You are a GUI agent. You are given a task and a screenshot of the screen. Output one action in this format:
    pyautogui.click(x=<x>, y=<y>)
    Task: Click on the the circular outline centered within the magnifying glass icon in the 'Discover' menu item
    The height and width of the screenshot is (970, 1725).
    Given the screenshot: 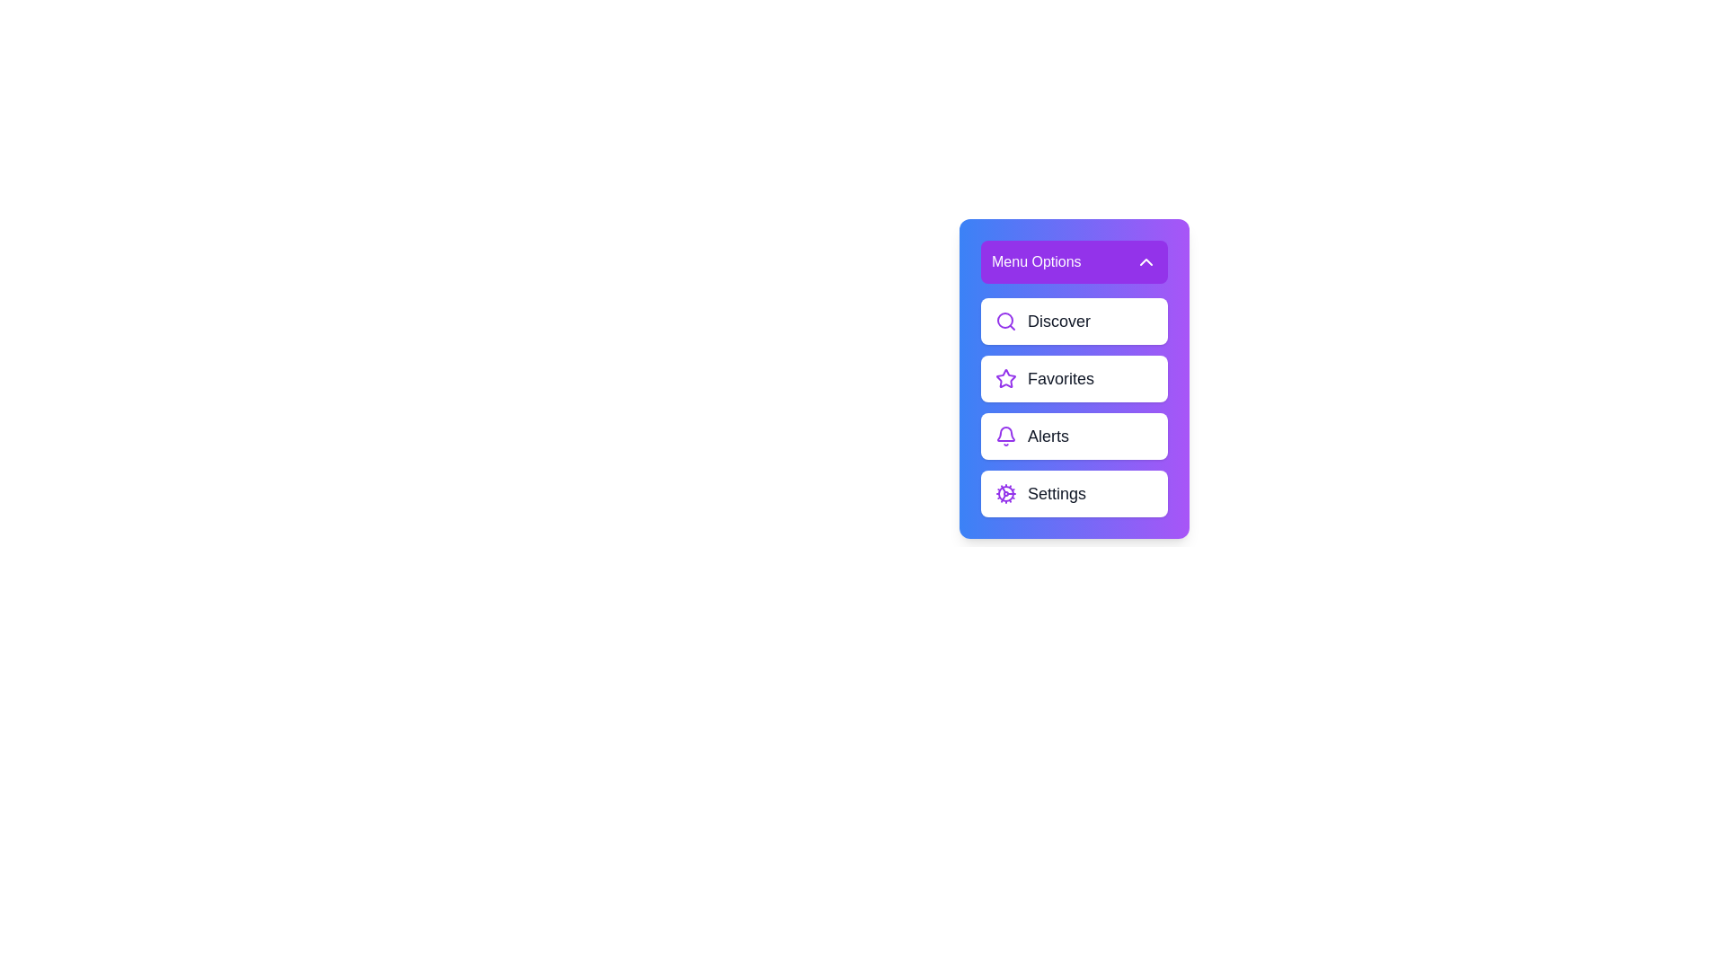 What is the action you would take?
    pyautogui.click(x=1004, y=320)
    